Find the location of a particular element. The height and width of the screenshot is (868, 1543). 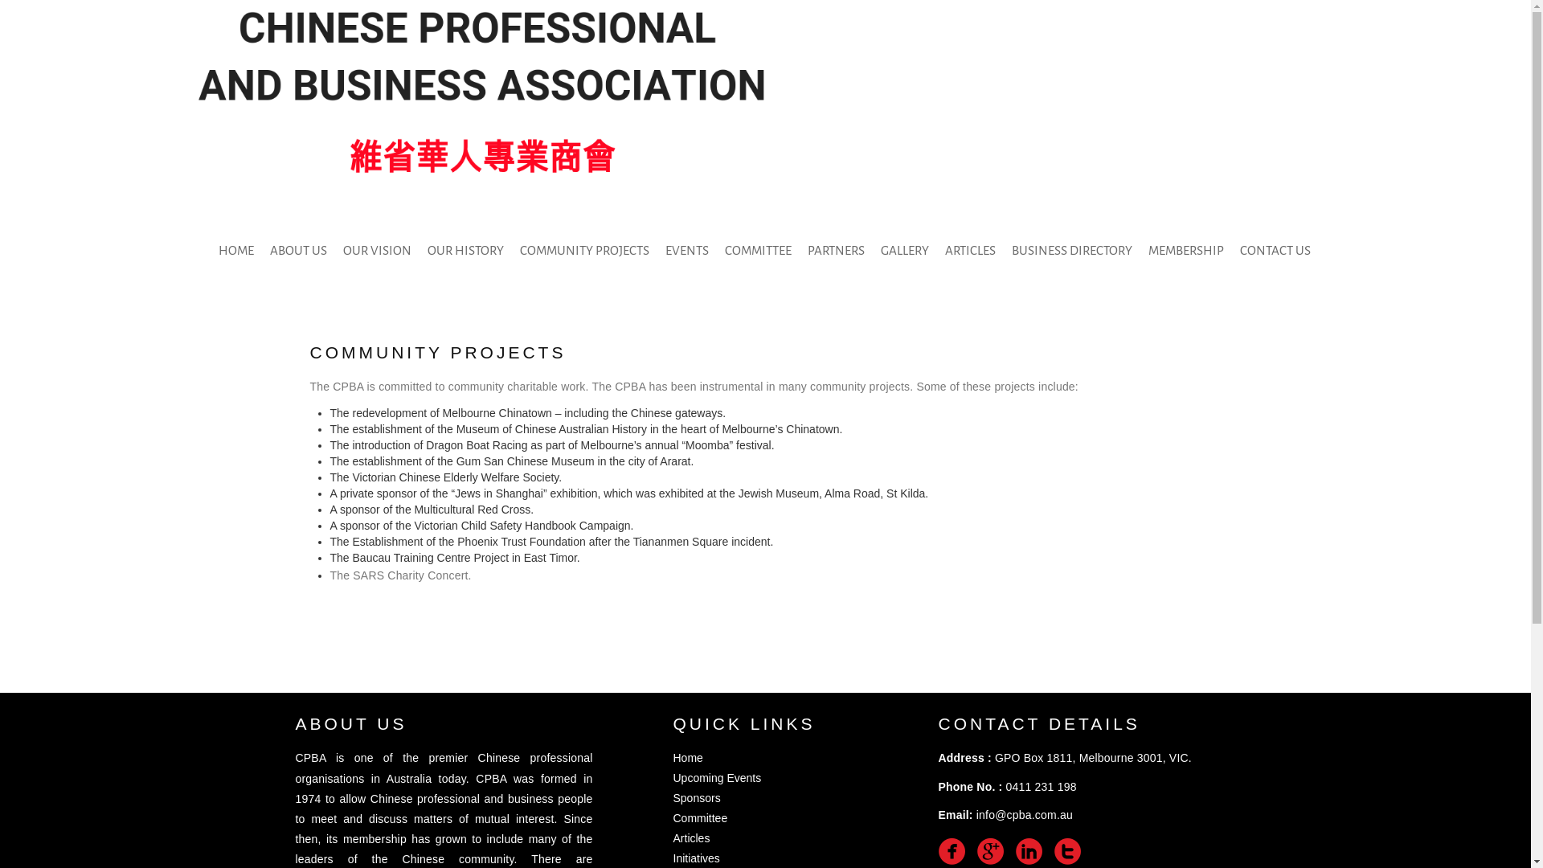

'Committee' is located at coordinates (701, 818).